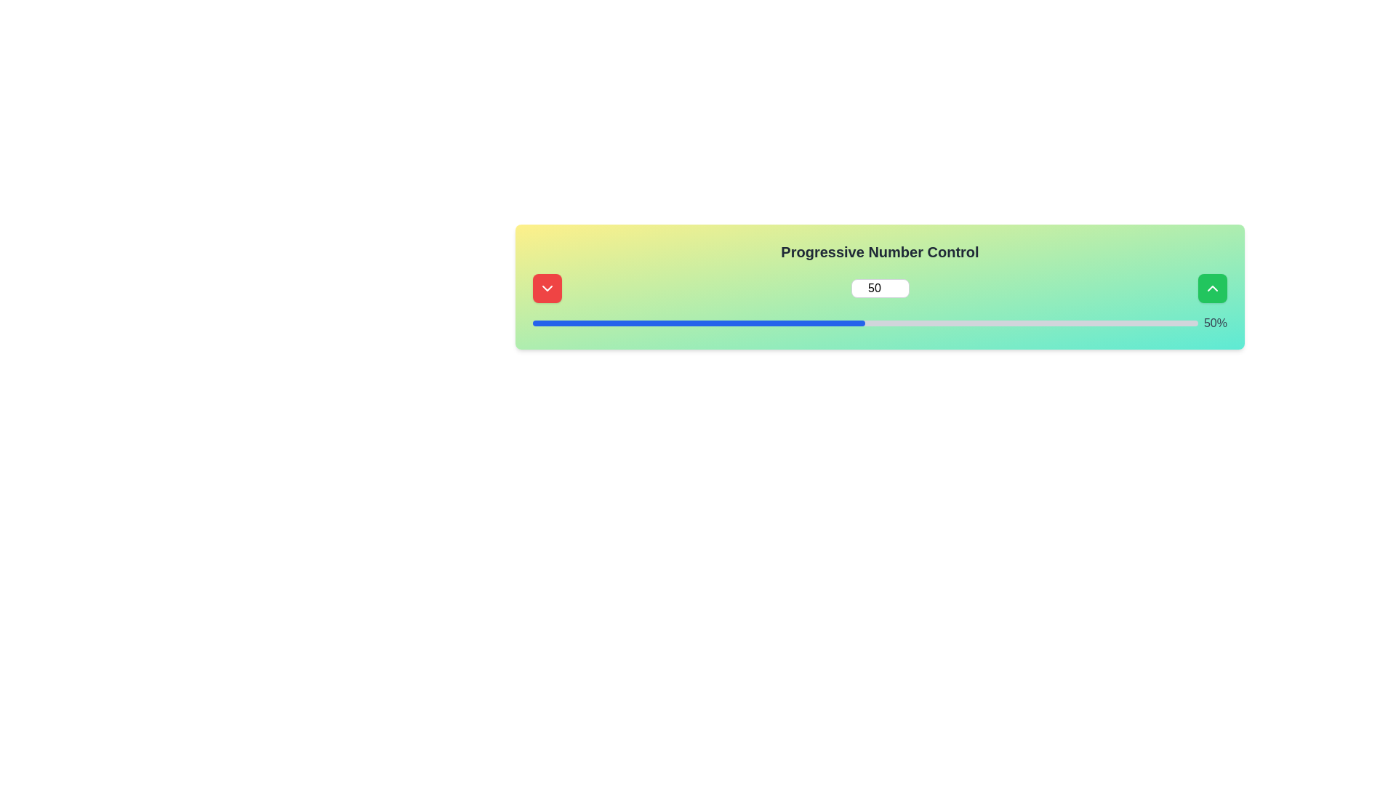 The image size is (1396, 785). Describe the element at coordinates (1213, 289) in the screenshot. I see `the upward increment button located on the right side of the green rounded button to increment the value` at that location.